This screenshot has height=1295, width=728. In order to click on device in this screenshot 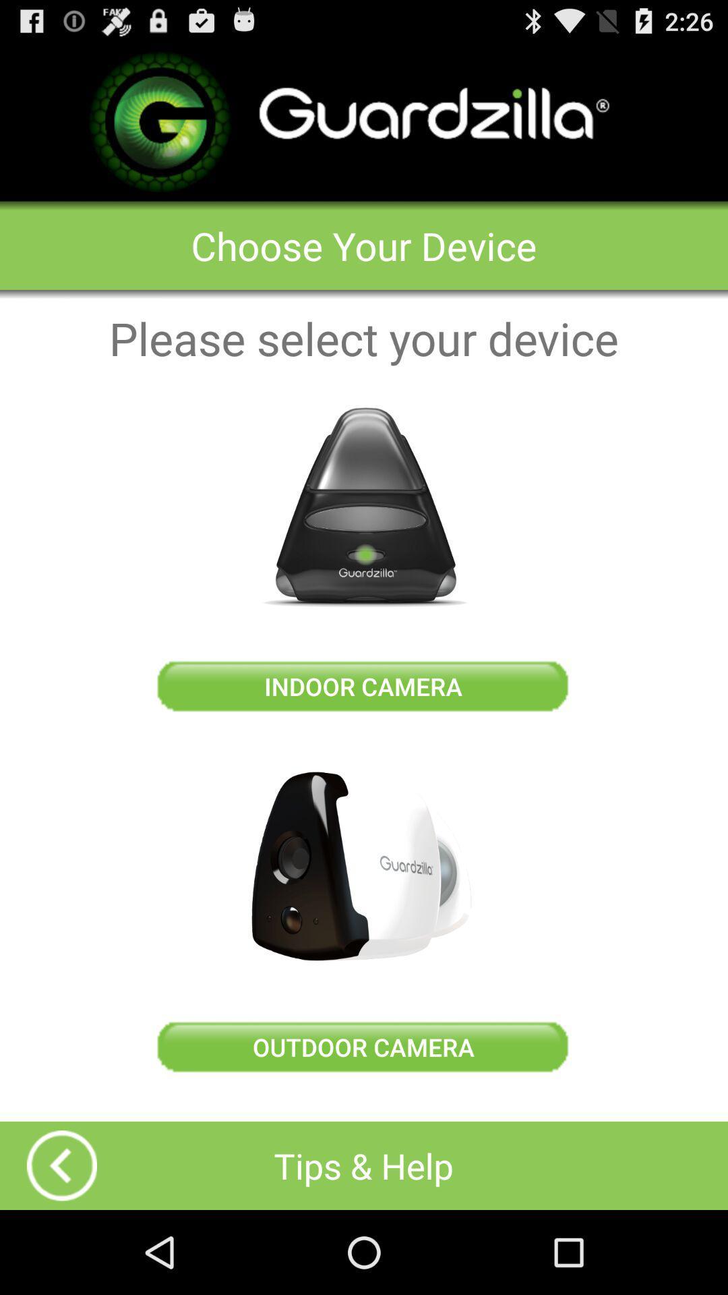, I will do `click(363, 866)`.